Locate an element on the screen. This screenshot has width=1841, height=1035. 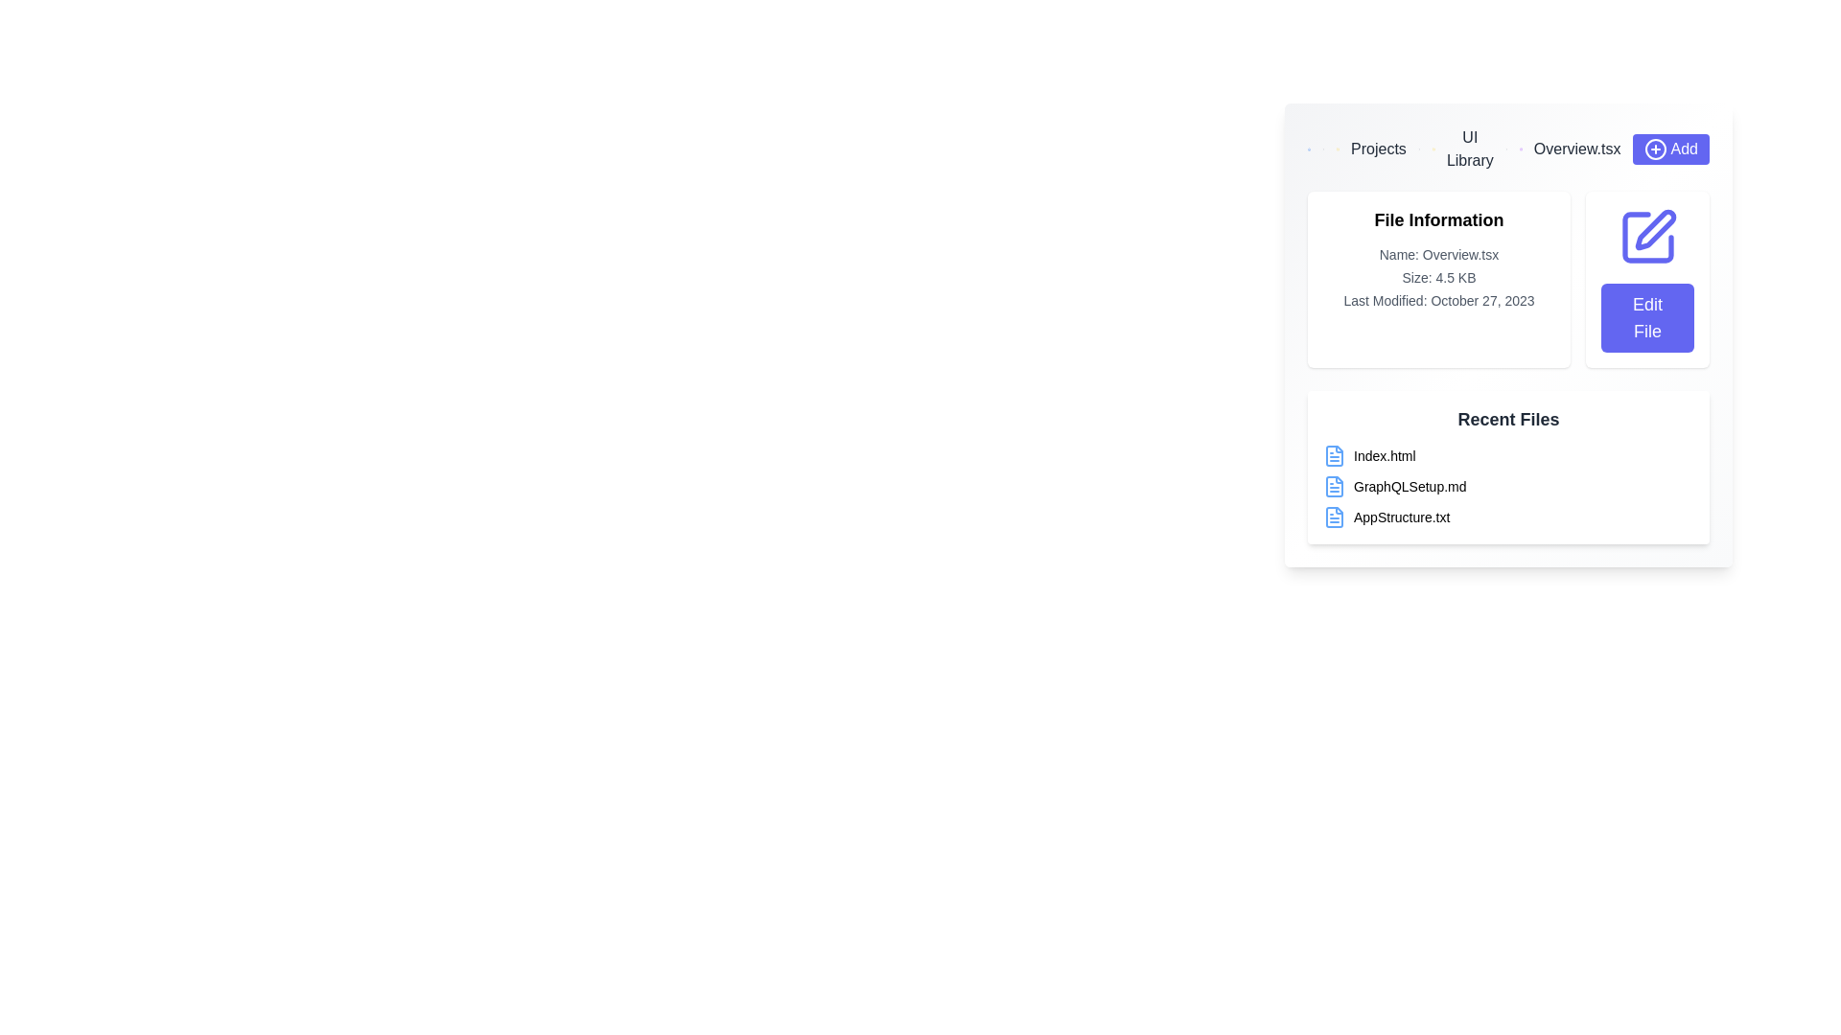
the file entry 'GraphQLSetup.md' in the 'Recent Files' list is located at coordinates (1507, 486).